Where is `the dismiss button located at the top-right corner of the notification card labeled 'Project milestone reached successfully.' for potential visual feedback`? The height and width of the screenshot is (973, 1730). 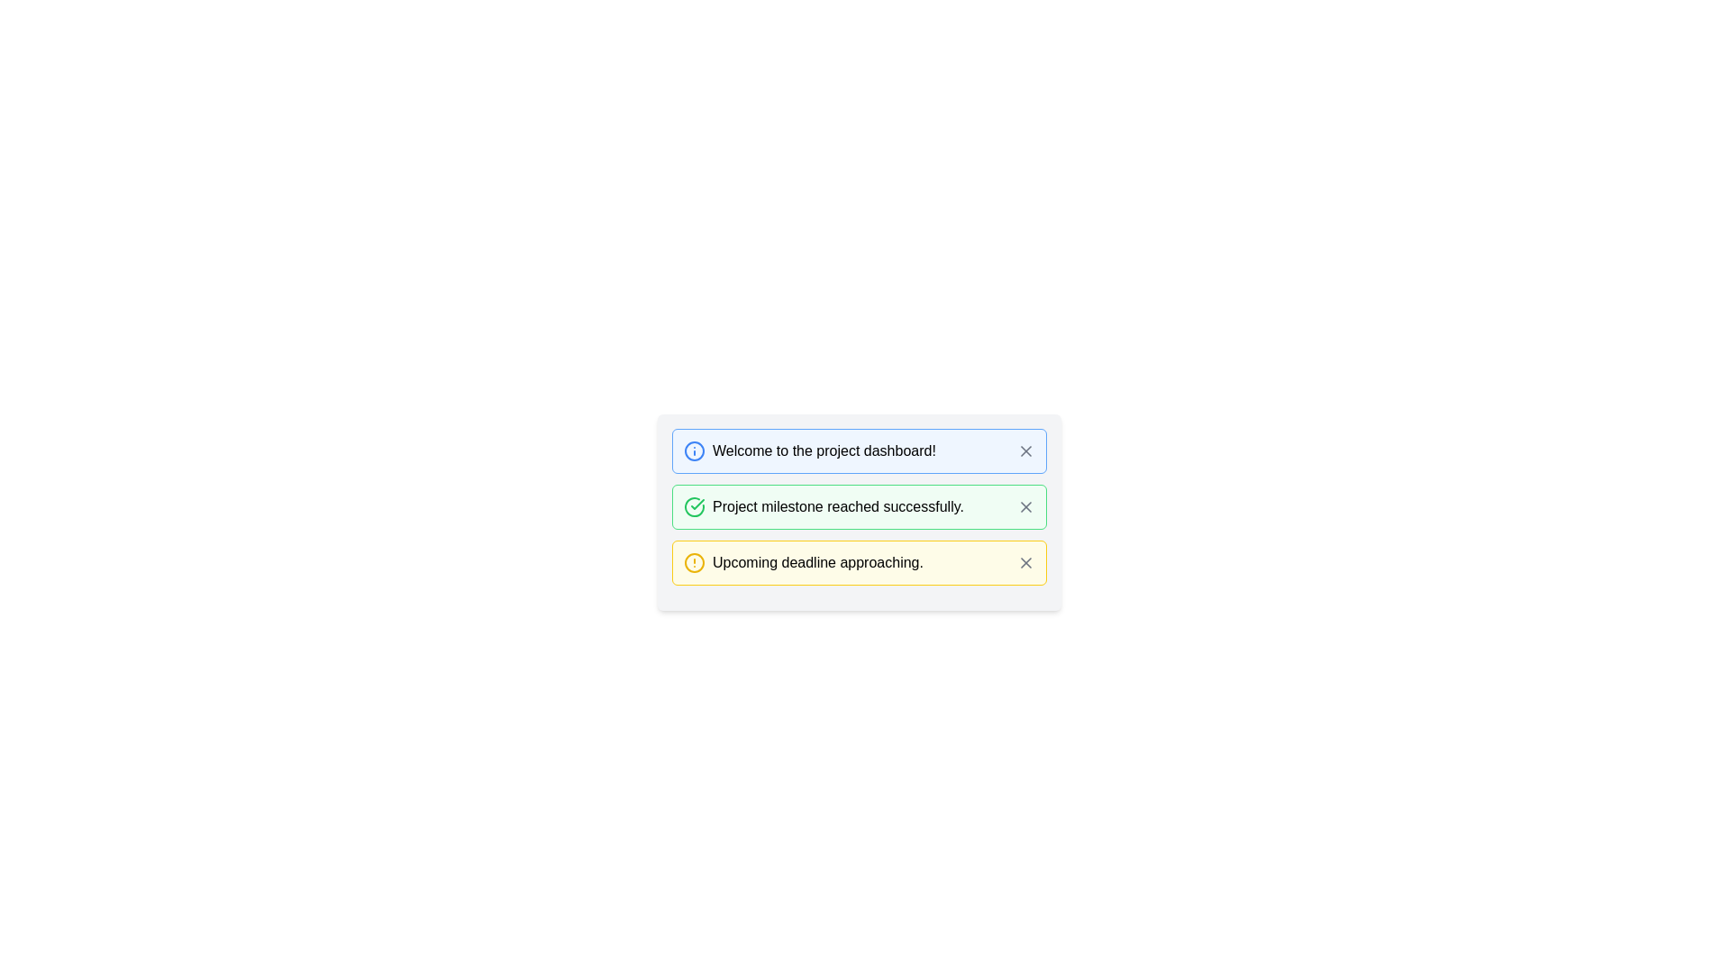
the dismiss button located at the top-right corner of the notification card labeled 'Project milestone reached successfully.' for potential visual feedback is located at coordinates (1025, 507).